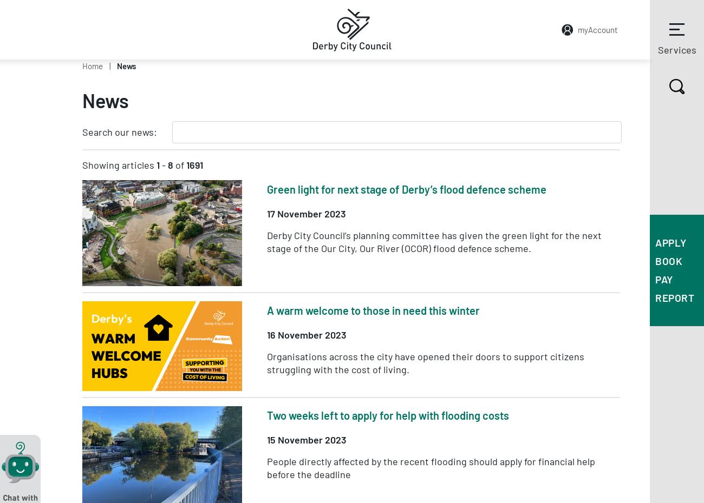 The height and width of the screenshot is (503, 704). I want to click on 'Home', so click(92, 66).